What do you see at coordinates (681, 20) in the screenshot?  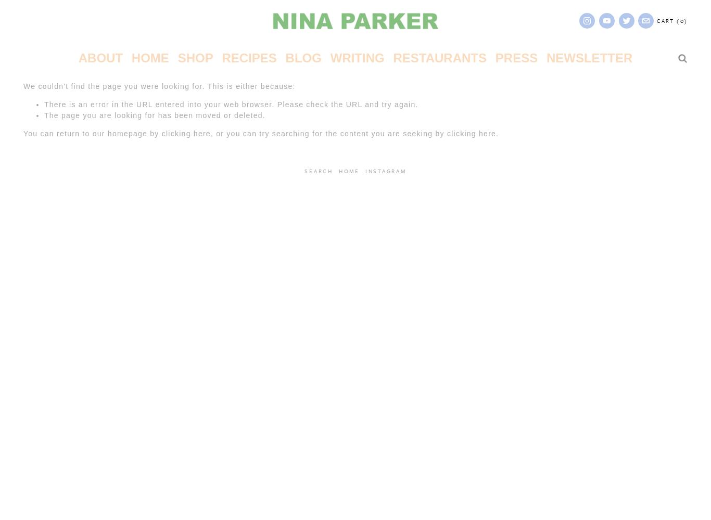 I see `'0'` at bounding box center [681, 20].